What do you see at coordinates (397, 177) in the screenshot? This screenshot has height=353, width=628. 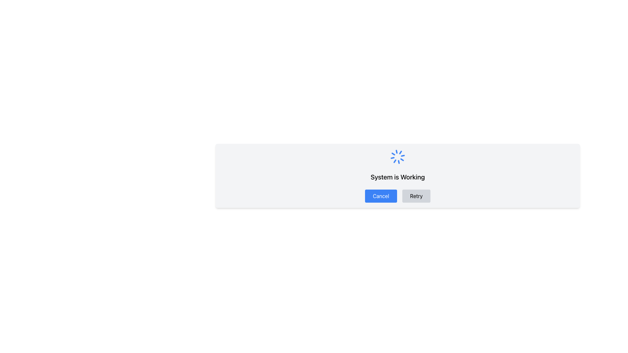 I see `the Text Label that indicates the system is currently operational, which is located slightly left aligned within a rectangular box containing a loader icon above and 'Cancel' and 'Retry' buttons below` at bounding box center [397, 177].